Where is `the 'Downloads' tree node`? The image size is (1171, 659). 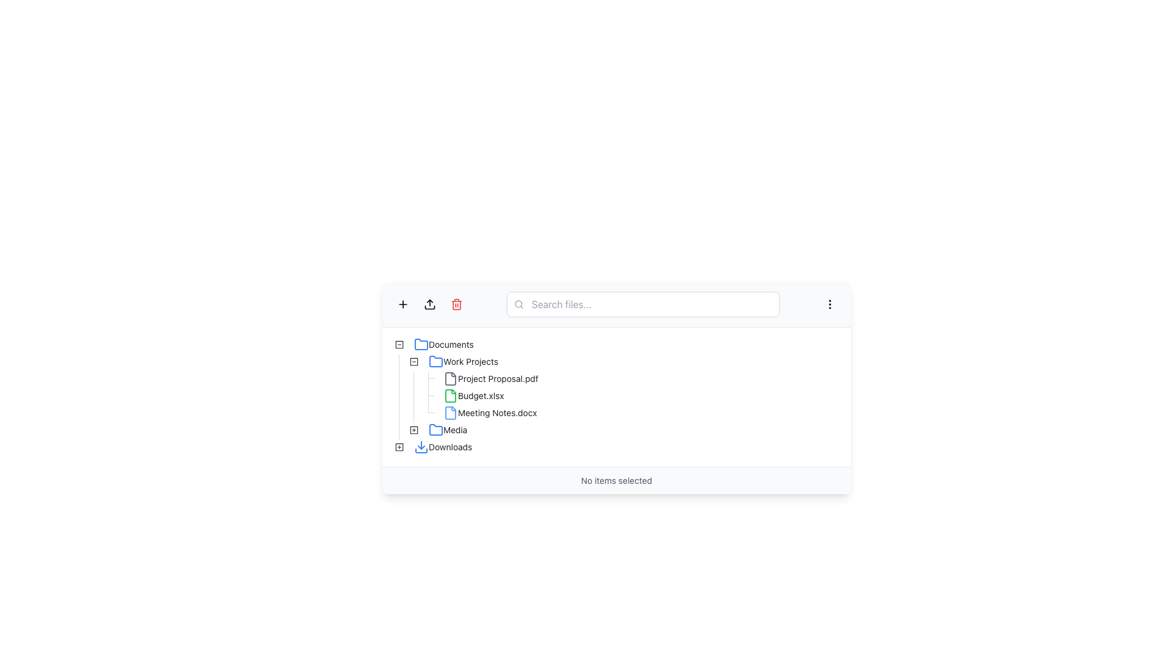
the 'Downloads' tree node is located at coordinates (434, 447).